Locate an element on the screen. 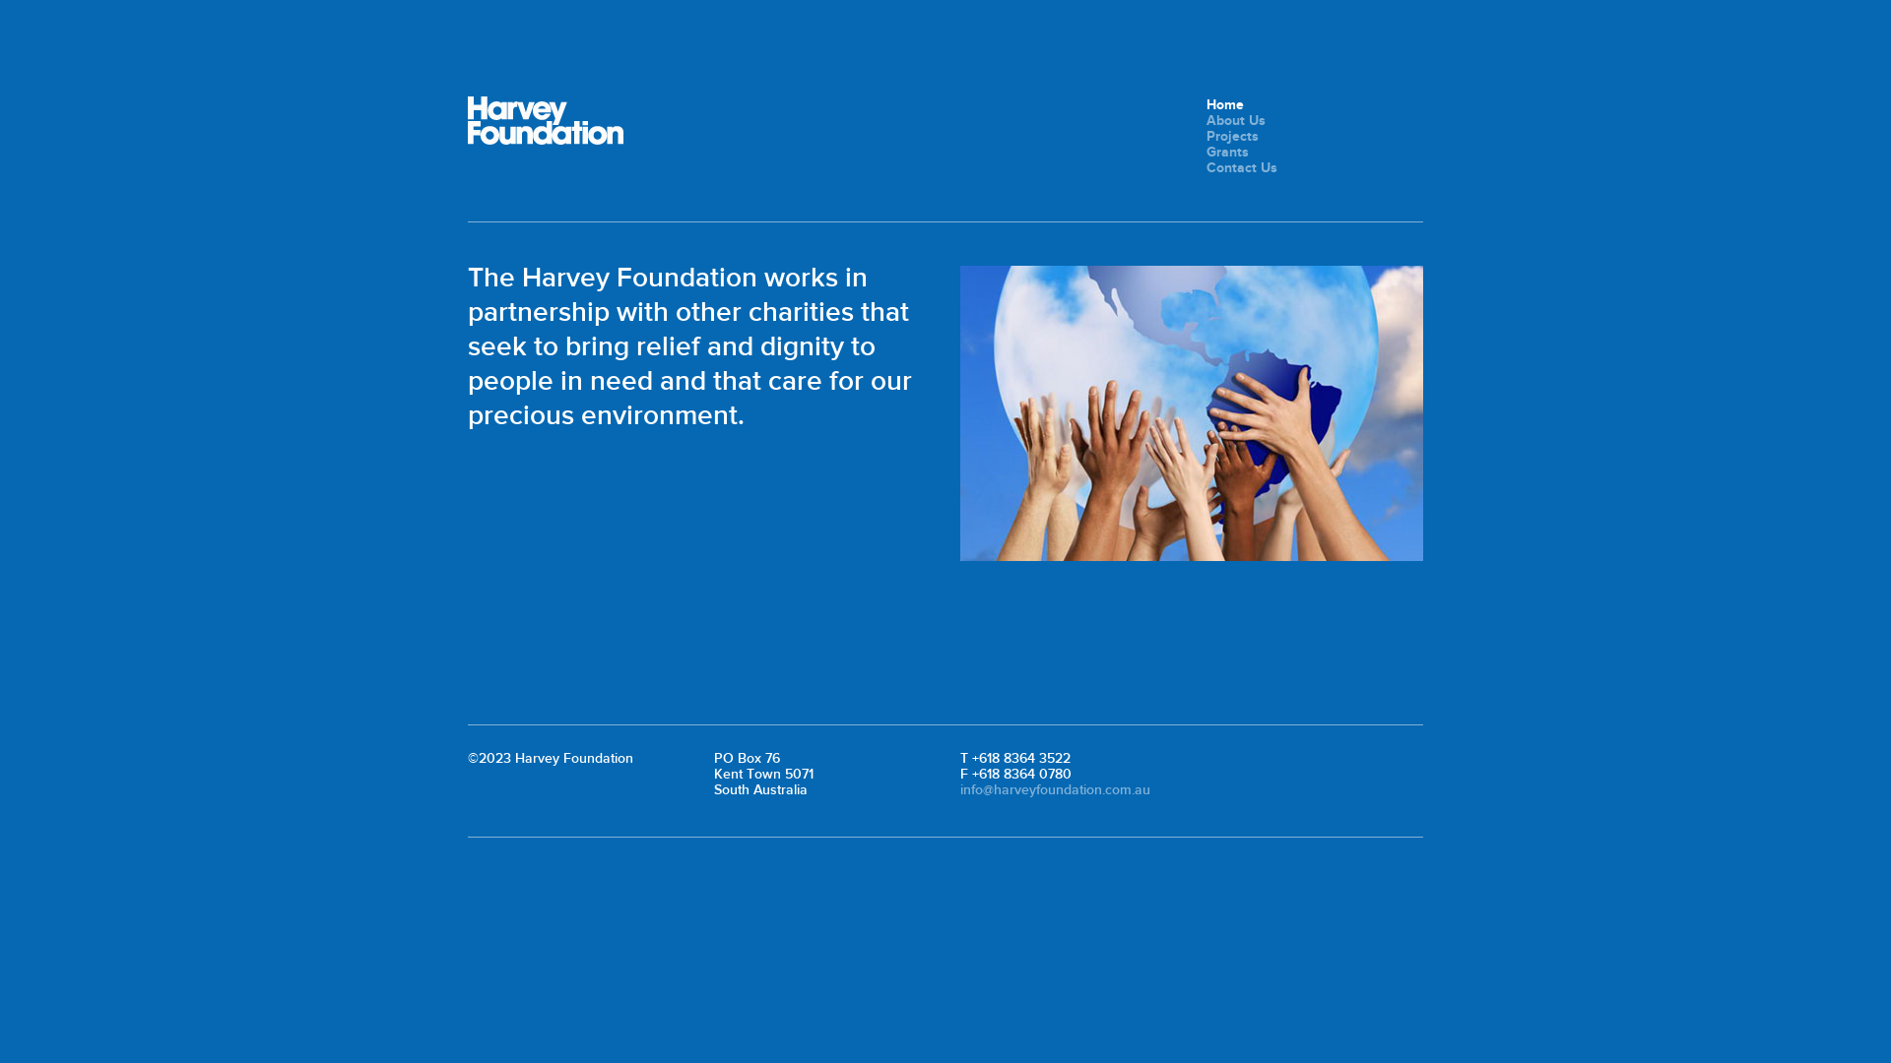 This screenshot has width=1891, height=1063. 'About Us' is located at coordinates (1234, 120).